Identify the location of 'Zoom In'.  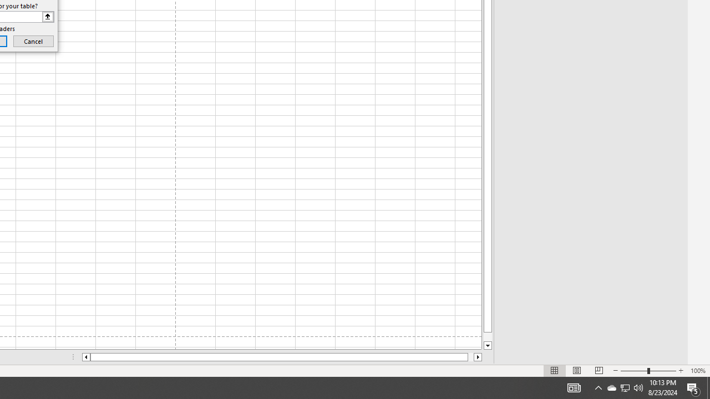
(680, 371).